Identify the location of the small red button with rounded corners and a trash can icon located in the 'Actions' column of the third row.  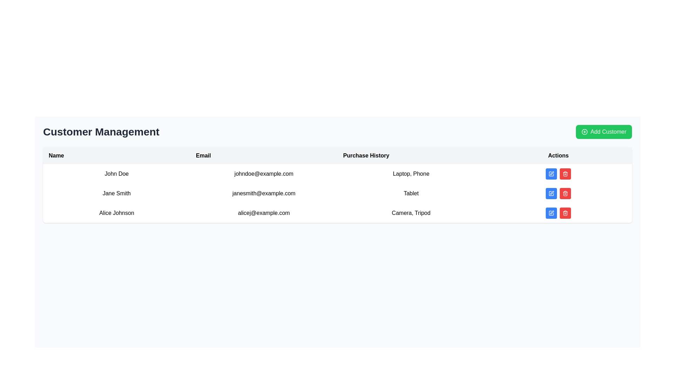
(565, 213).